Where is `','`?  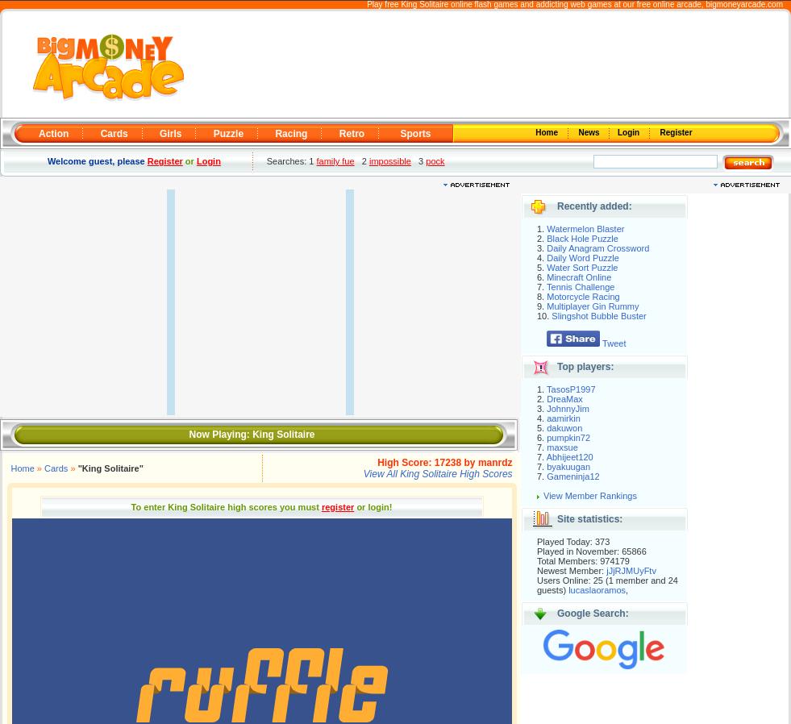
',' is located at coordinates (627, 589).